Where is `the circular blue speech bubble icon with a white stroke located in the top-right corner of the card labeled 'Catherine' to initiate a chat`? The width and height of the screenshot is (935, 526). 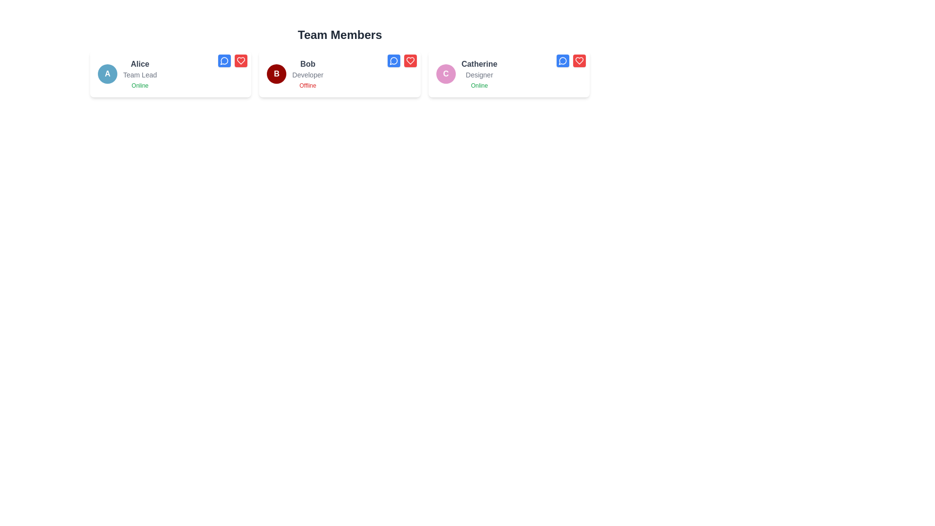
the circular blue speech bubble icon with a white stroke located in the top-right corner of the card labeled 'Catherine' to initiate a chat is located at coordinates (562, 61).